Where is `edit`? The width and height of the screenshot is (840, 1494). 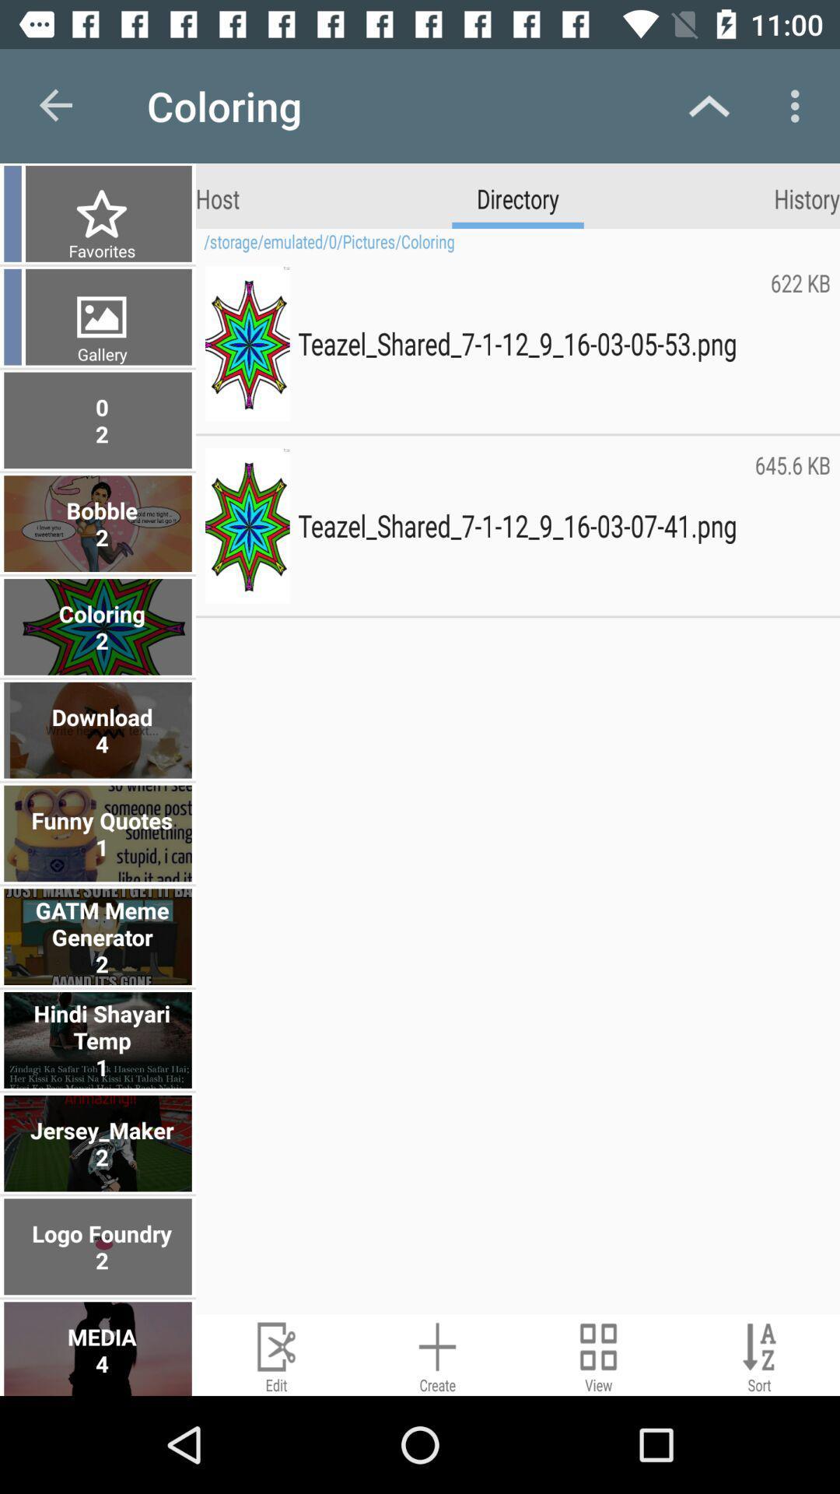
edit is located at coordinates (275, 1354).